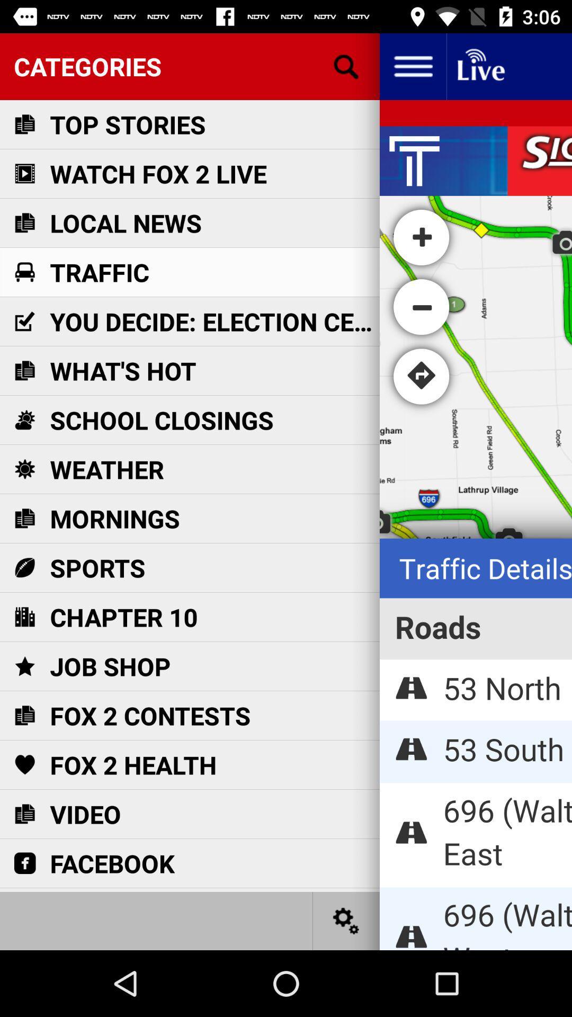  Describe the element at coordinates (412, 66) in the screenshot. I see `menu icon` at that location.